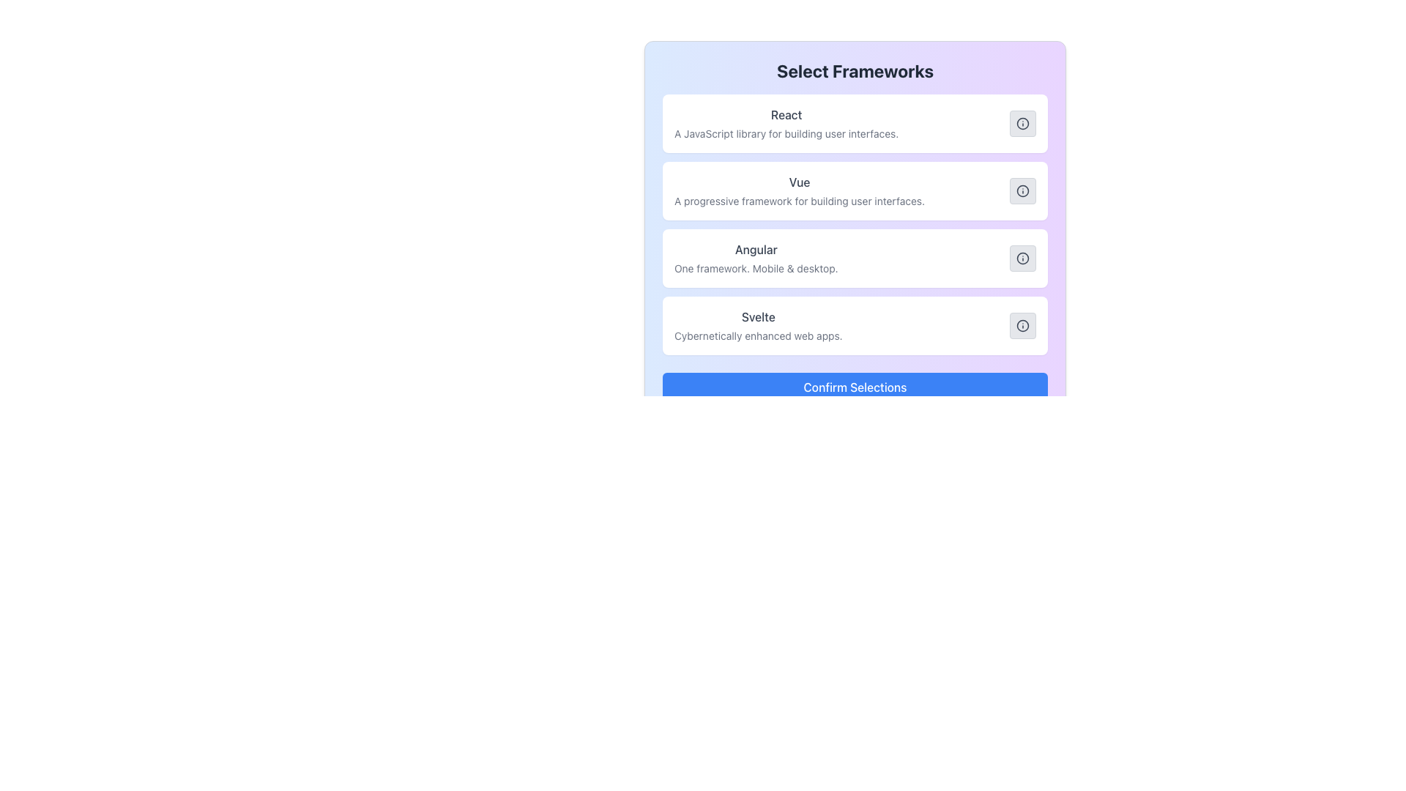 The width and height of the screenshot is (1406, 791). I want to click on the selectable option in the list that provides details about the Vue framework, which is centrally located in the second box of a vertically stacked list between the 'React' and 'Angular' boxes, so click(799, 190).